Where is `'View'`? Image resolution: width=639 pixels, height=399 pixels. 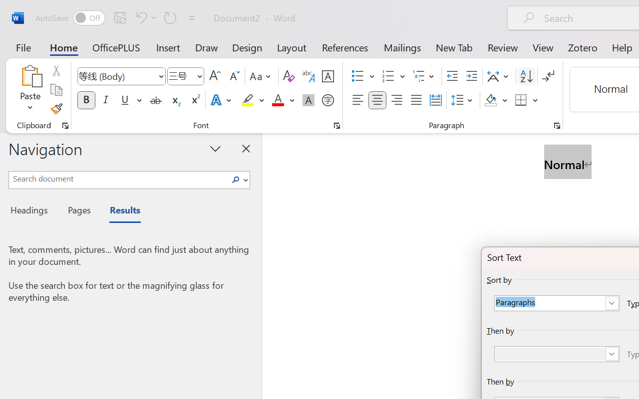
'View' is located at coordinates (543, 47).